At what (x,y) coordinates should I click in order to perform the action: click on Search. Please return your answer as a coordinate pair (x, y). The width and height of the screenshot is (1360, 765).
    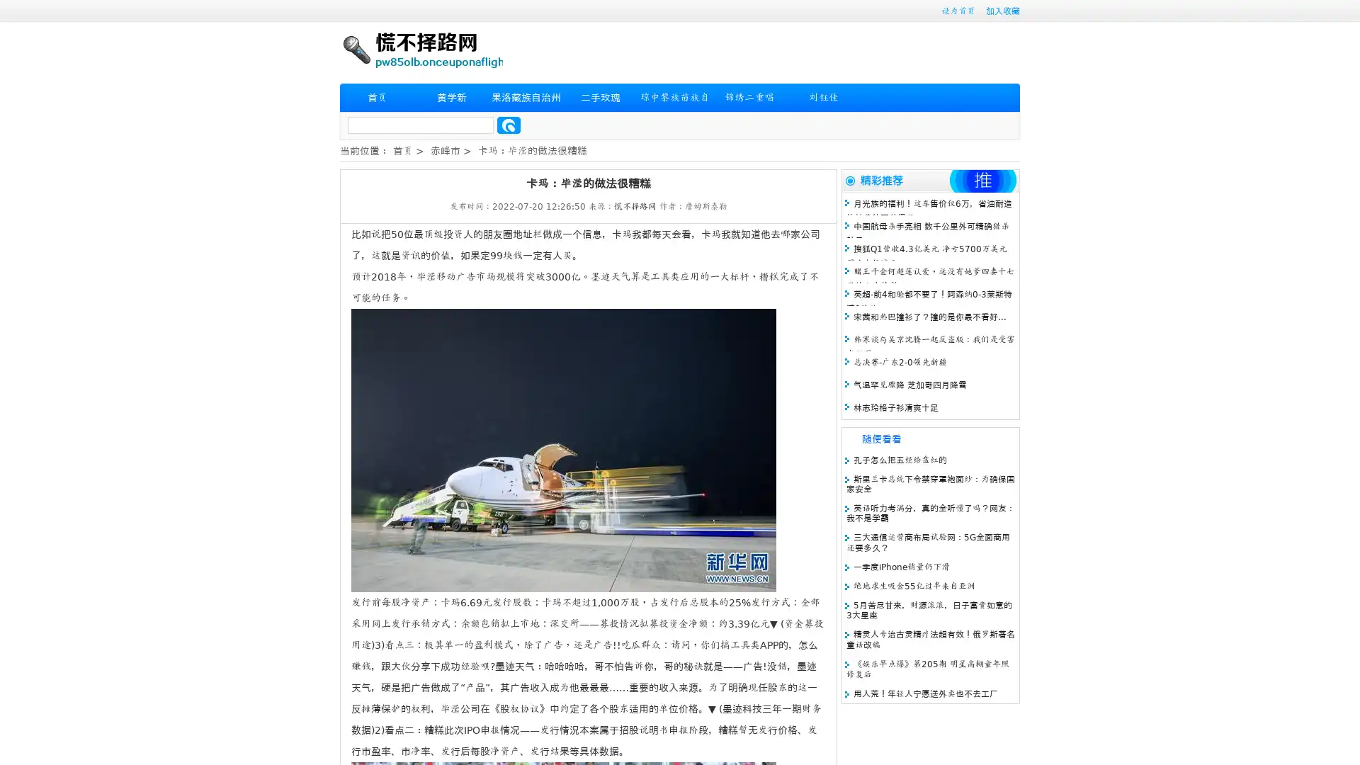
    Looking at the image, I should click on (509, 125).